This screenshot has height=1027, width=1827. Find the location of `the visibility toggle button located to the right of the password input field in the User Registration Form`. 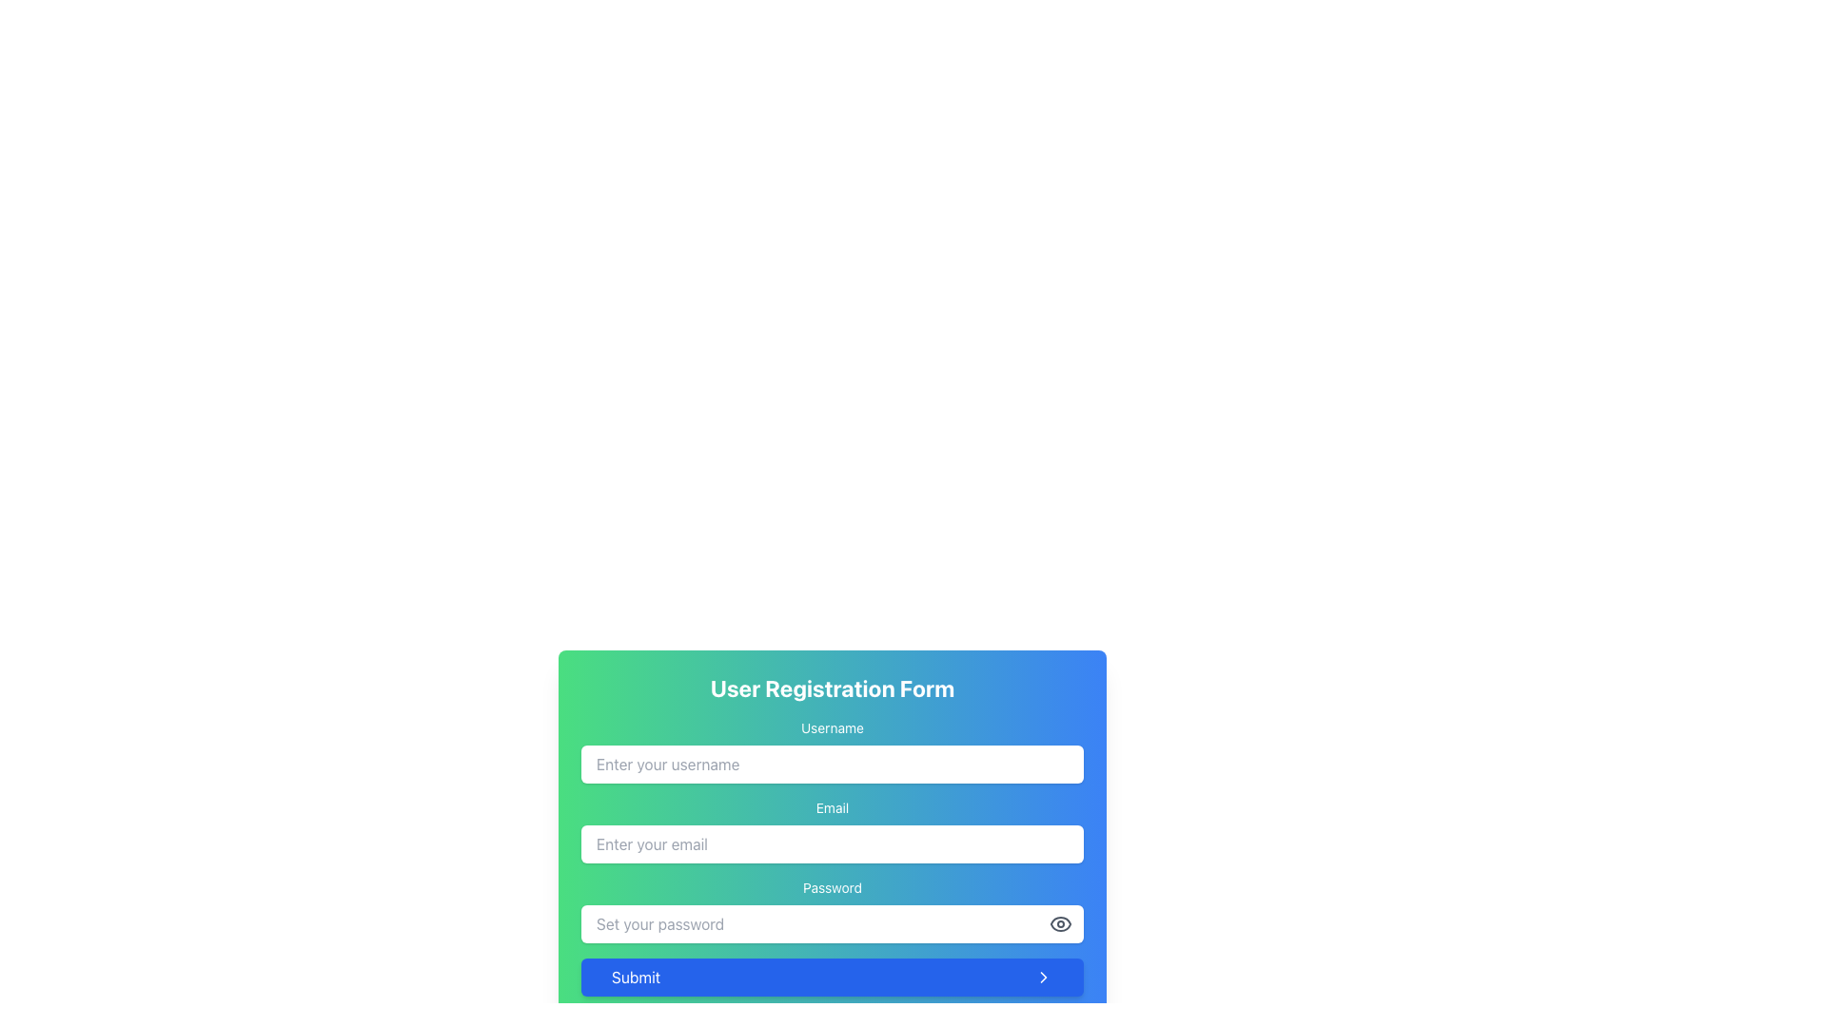

the visibility toggle button located to the right of the password input field in the User Registration Form is located at coordinates (1059, 923).